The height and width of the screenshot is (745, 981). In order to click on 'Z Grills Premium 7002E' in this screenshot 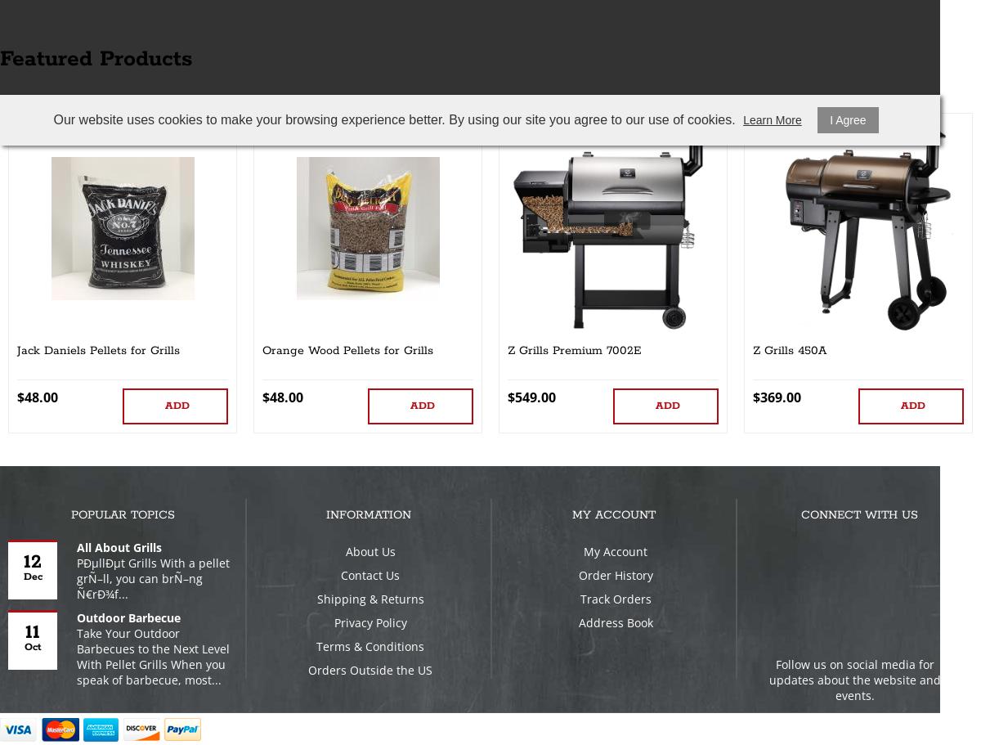, I will do `click(508, 350)`.